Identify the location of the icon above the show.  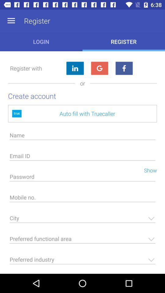
(82, 157).